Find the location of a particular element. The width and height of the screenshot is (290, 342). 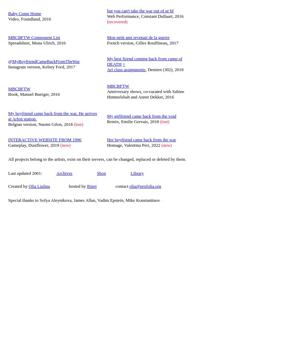

'Last updated 2001:' is located at coordinates (32, 173).